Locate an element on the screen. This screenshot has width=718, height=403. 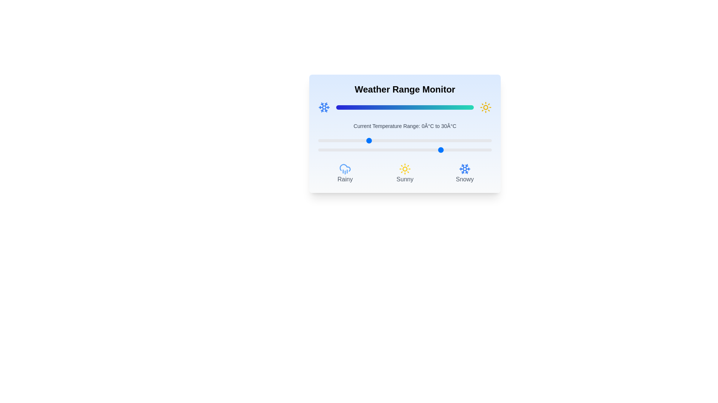
the small circular SVG shape located at the top-right corner of the temperature range display, which is part of a sun-like pattern is located at coordinates (486, 107).